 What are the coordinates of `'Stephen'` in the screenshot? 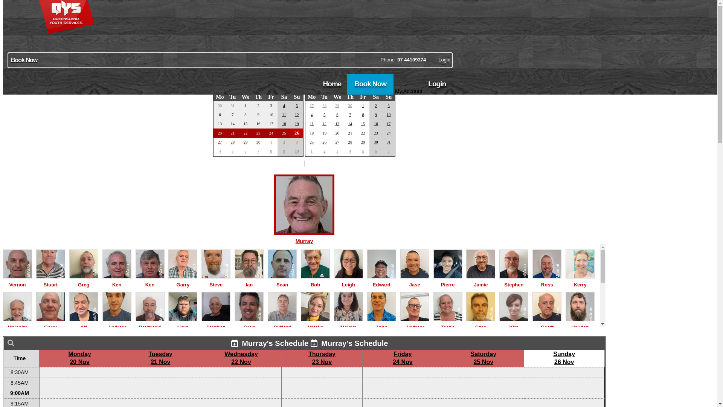 It's located at (201, 323).